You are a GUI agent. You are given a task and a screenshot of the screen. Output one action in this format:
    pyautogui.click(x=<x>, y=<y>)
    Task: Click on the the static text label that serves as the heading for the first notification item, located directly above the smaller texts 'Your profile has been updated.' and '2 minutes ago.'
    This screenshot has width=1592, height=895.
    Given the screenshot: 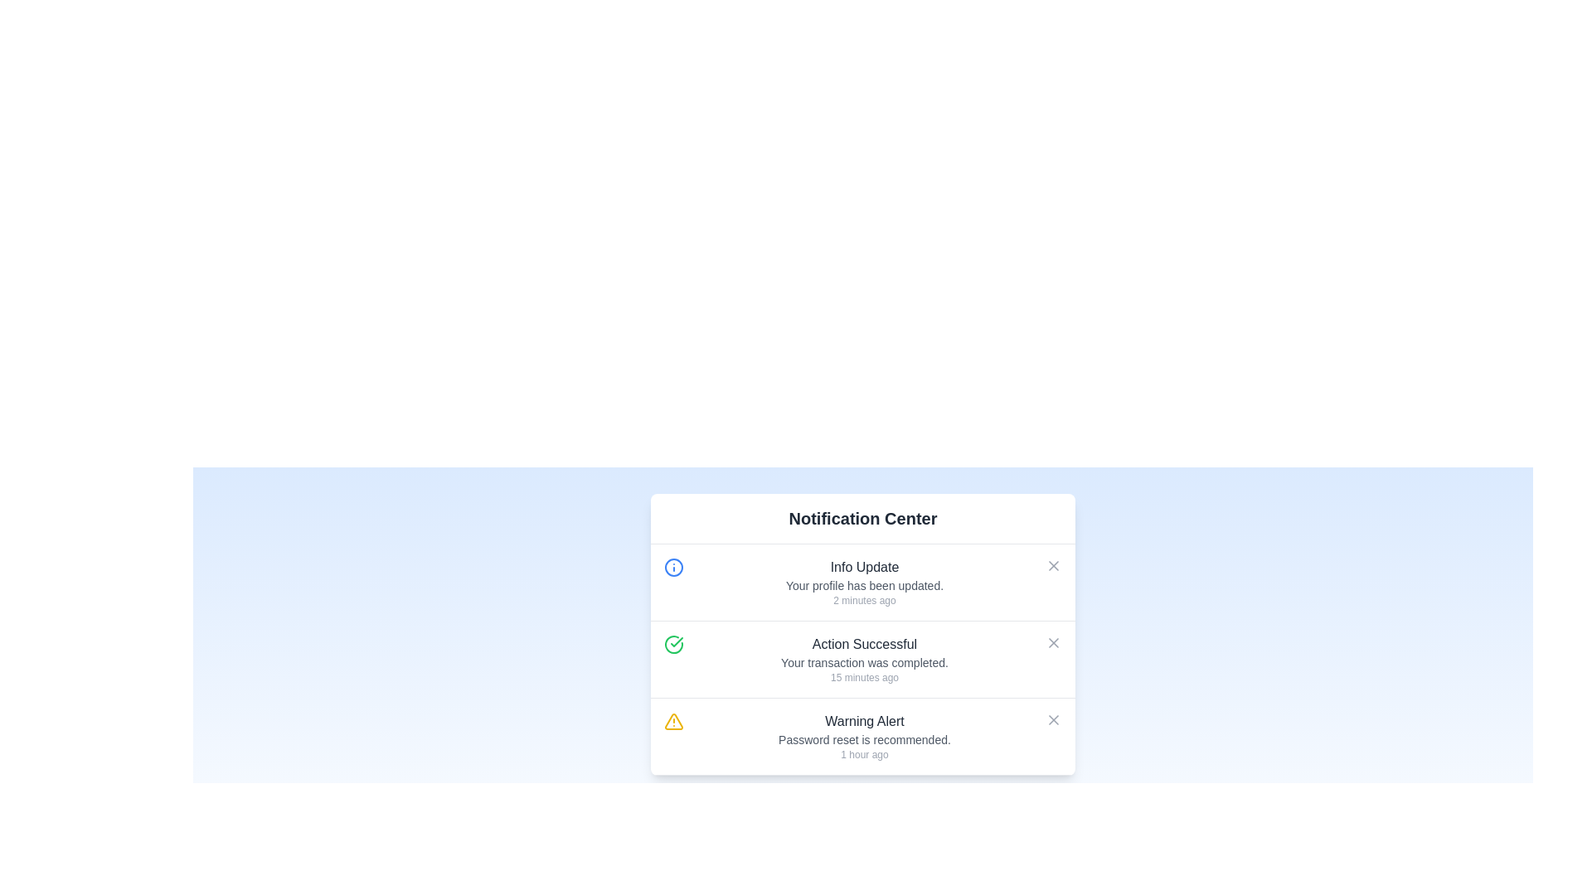 What is the action you would take?
    pyautogui.click(x=863, y=567)
    